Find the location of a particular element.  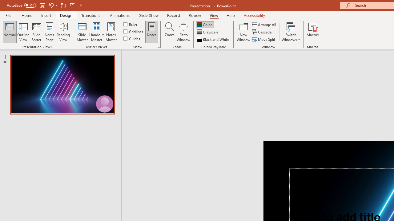

'Notes Page' is located at coordinates (49, 32).